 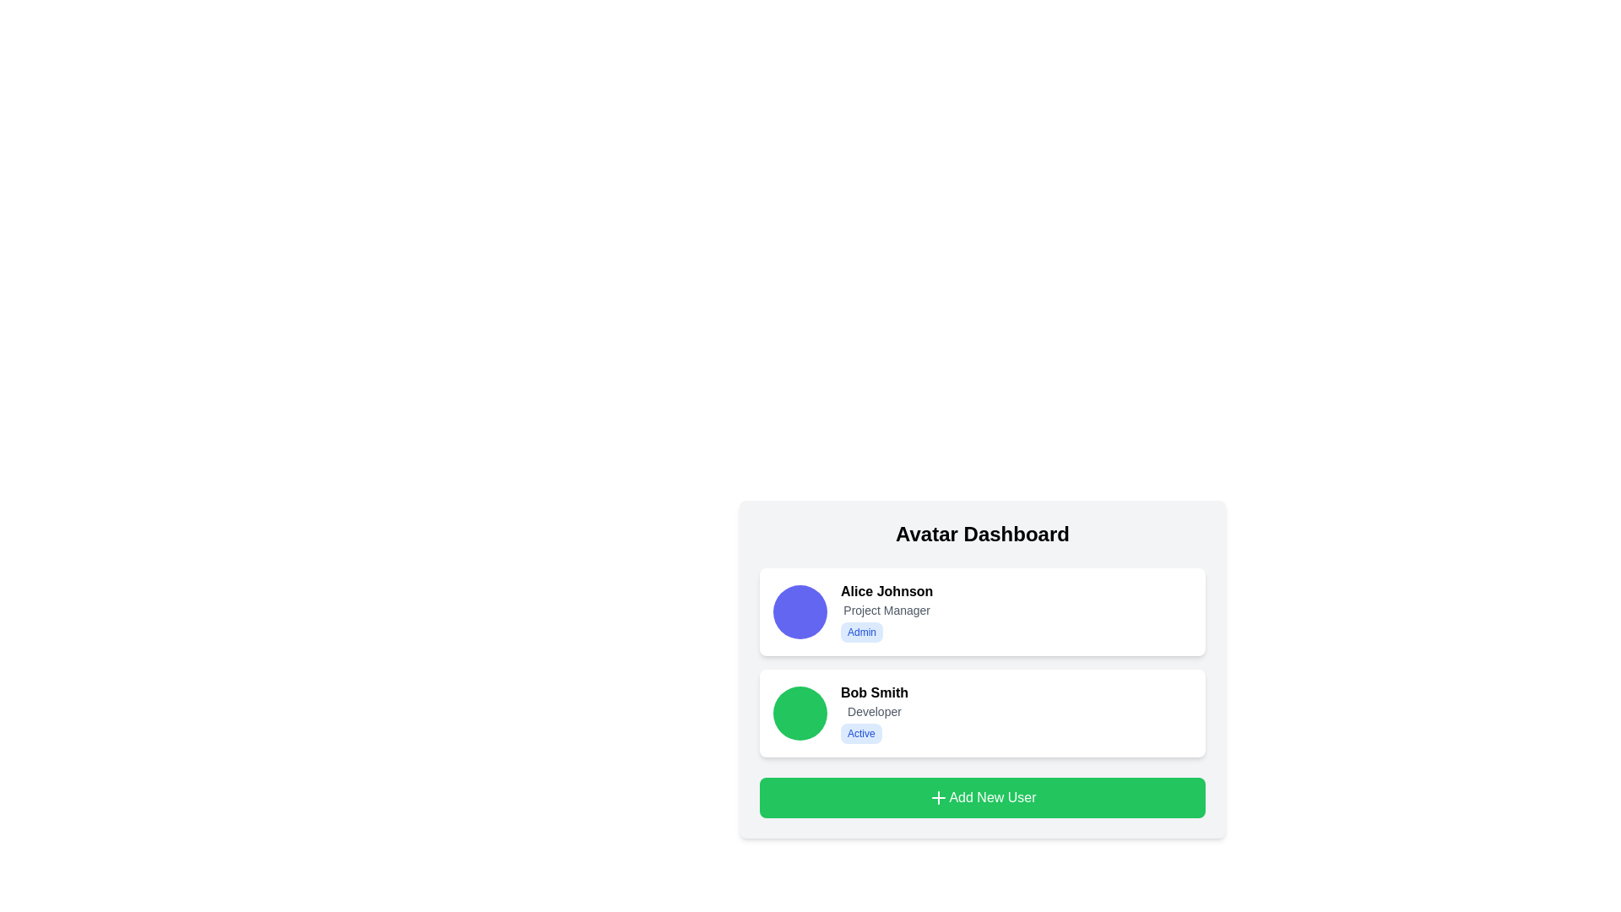 What do you see at coordinates (862, 632) in the screenshot?
I see `the 'Admin' role indicator label for user 'Alice Johnson', which is located below the user's name and adjacent to the role description 'Project Manager' in the user details card` at bounding box center [862, 632].